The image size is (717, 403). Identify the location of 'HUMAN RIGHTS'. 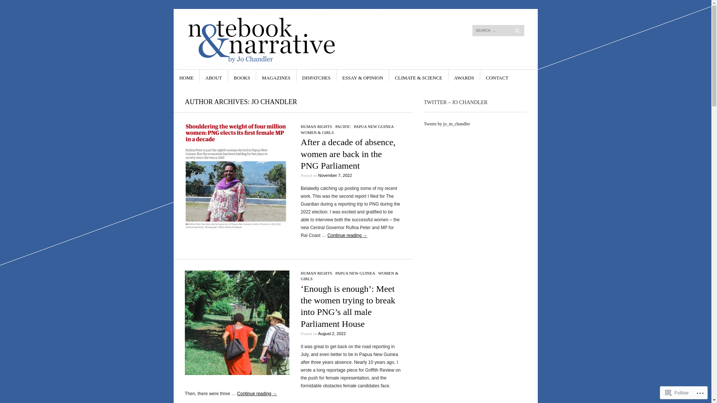
(316, 126).